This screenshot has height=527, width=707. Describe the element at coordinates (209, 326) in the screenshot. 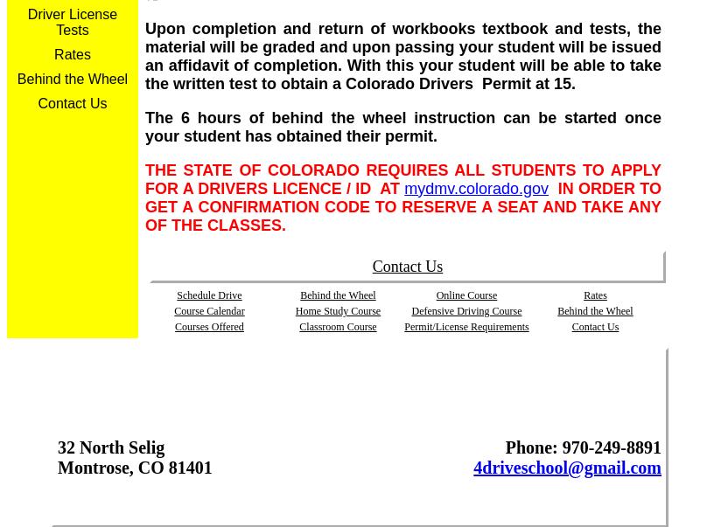

I see `'Courses Offered'` at that location.